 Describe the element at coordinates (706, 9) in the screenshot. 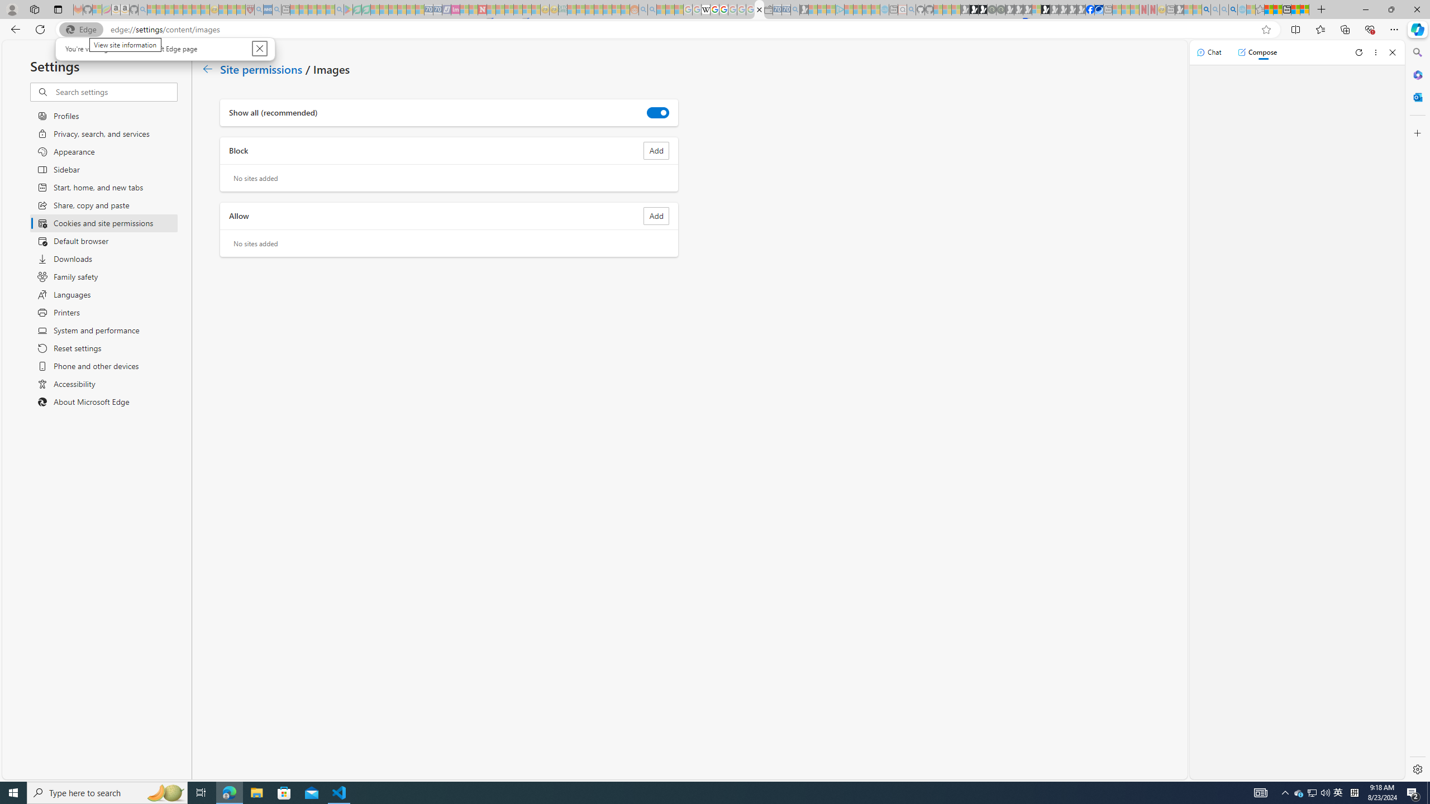

I see `'Target page - Wikipedia'` at that location.